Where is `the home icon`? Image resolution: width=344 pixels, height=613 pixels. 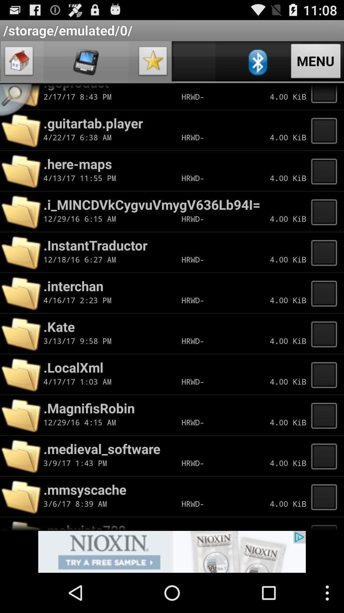
the home icon is located at coordinates (18, 67).